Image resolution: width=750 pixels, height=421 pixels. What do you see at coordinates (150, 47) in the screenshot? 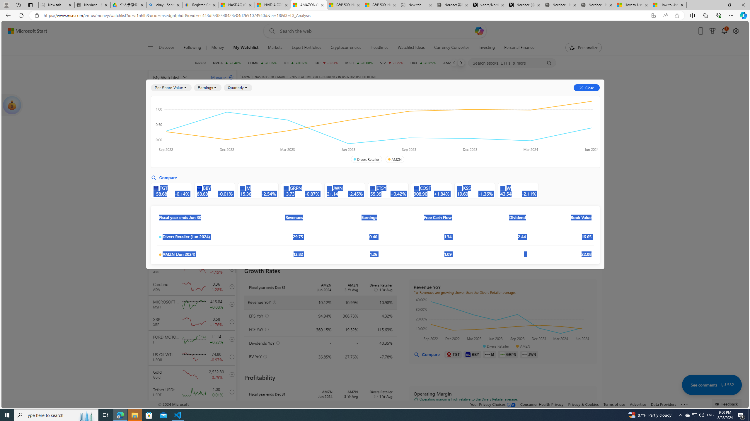
I see `'Open navigation menu'` at bounding box center [150, 47].